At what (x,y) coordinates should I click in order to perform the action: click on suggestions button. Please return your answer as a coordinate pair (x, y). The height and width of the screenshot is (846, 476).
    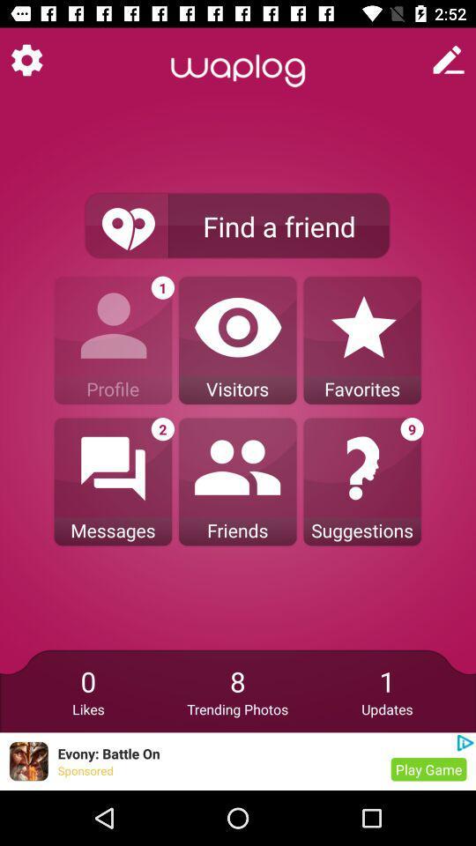
    Looking at the image, I should click on (361, 482).